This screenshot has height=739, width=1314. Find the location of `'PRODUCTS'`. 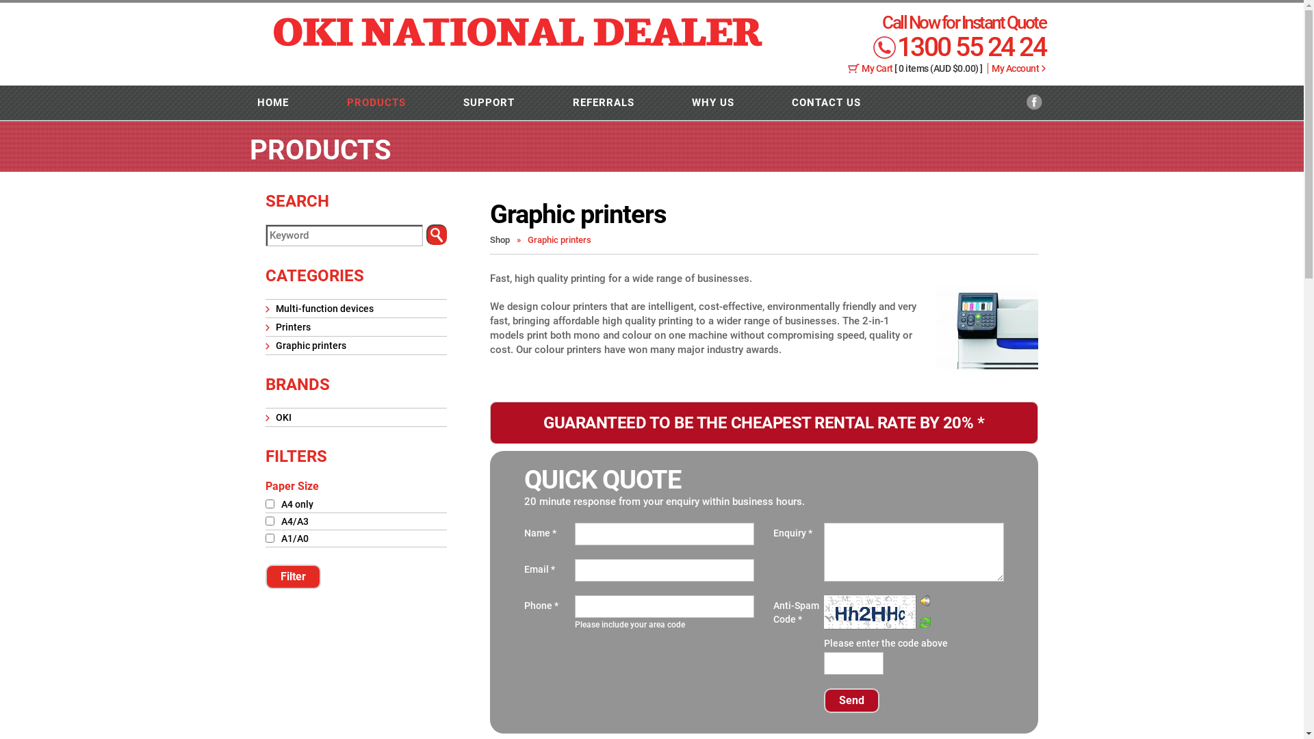

'PRODUCTS' is located at coordinates (376, 102).